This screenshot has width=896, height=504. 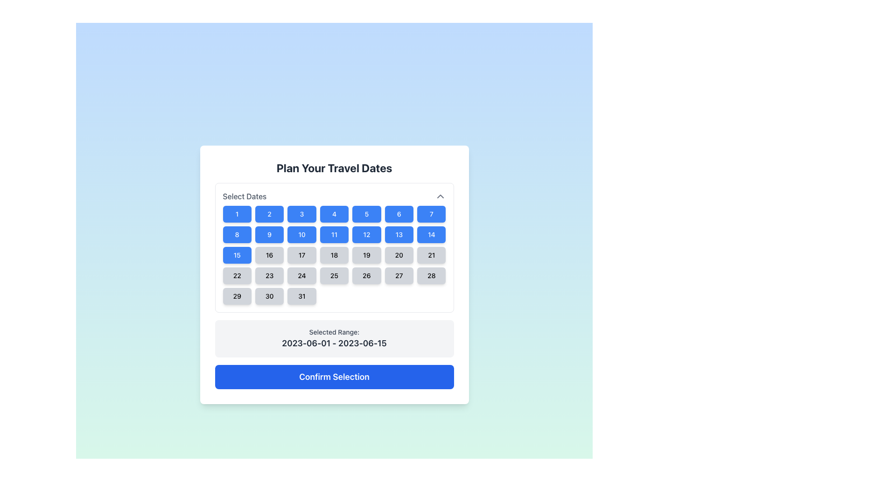 I want to click on the button representing the 25th day of the month in the calendar interface, so click(x=334, y=275).